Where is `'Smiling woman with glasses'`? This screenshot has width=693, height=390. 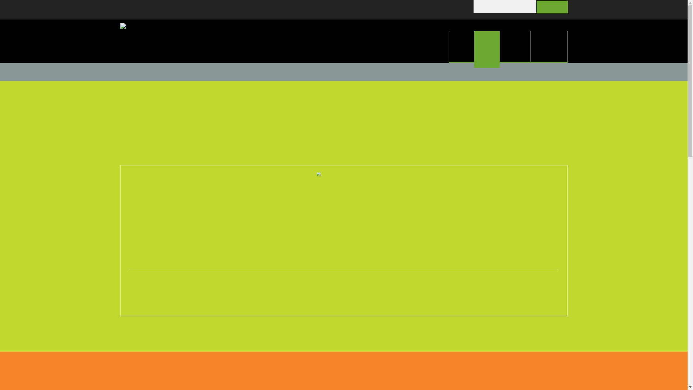
'Smiling woman with glasses' is located at coordinates (343, 201).